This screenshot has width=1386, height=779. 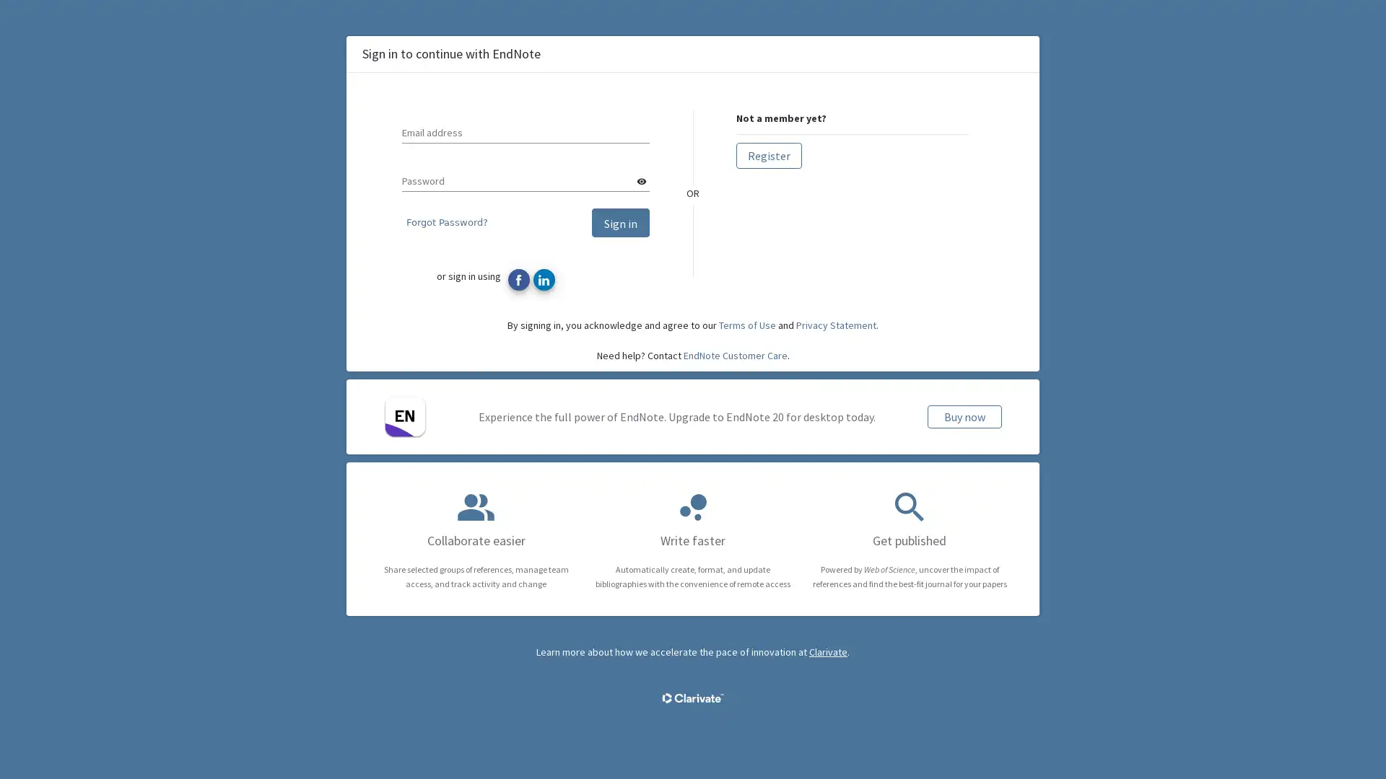 I want to click on Register, so click(x=768, y=156).